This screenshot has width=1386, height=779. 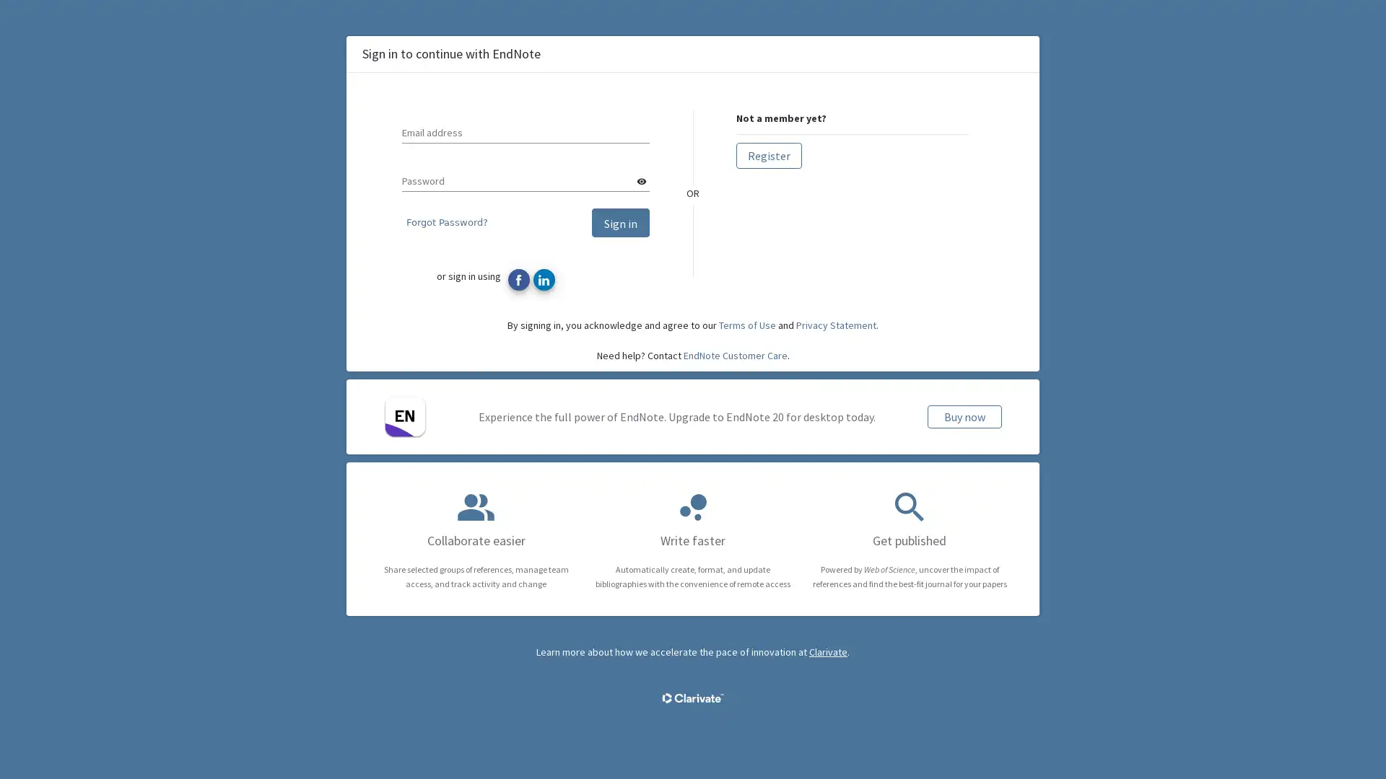 I want to click on Register, so click(x=768, y=156).